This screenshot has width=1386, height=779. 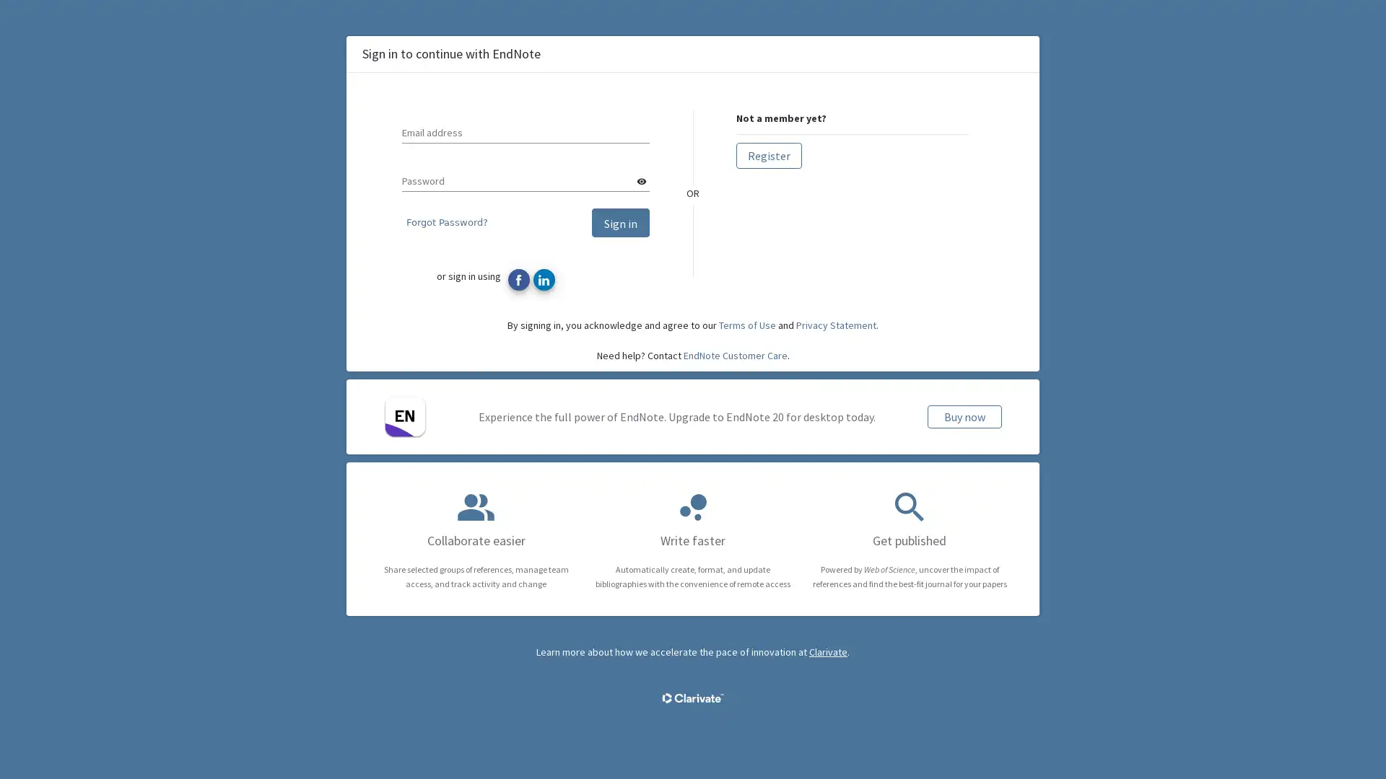 I want to click on Register, so click(x=768, y=156).